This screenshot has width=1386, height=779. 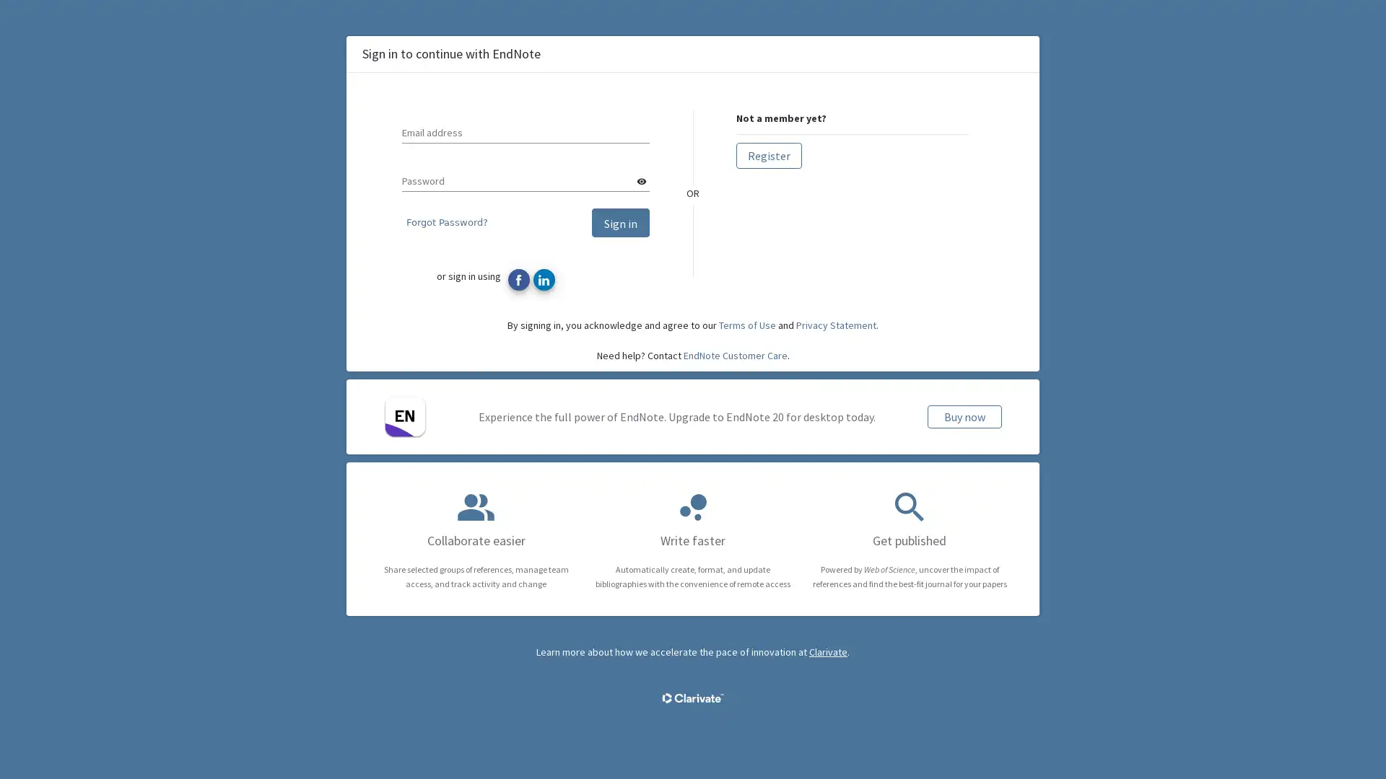 I want to click on Register, so click(x=768, y=156).